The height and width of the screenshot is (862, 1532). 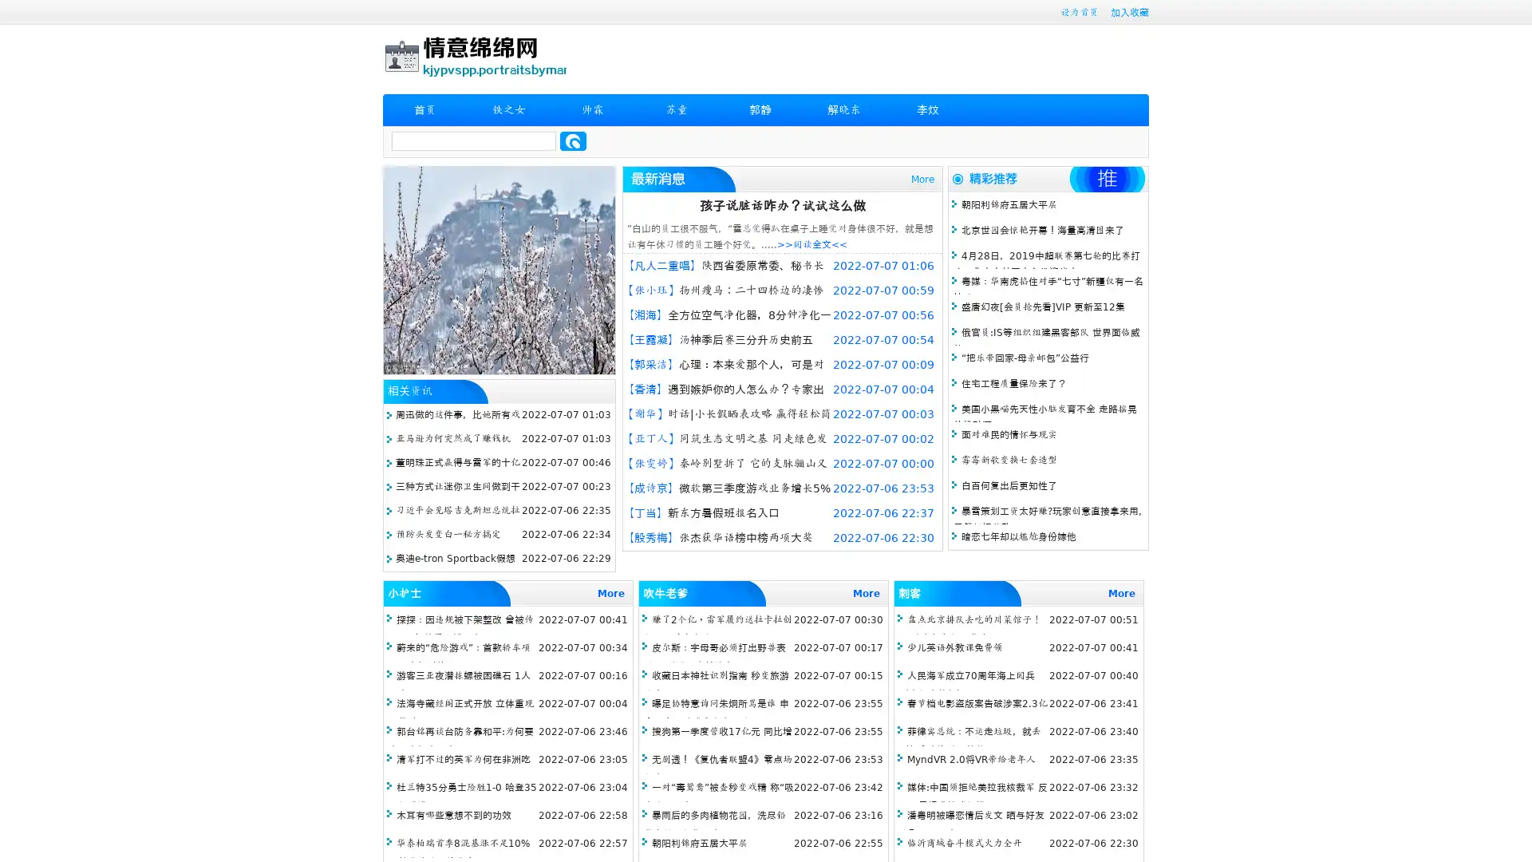 I want to click on Search, so click(x=573, y=140).